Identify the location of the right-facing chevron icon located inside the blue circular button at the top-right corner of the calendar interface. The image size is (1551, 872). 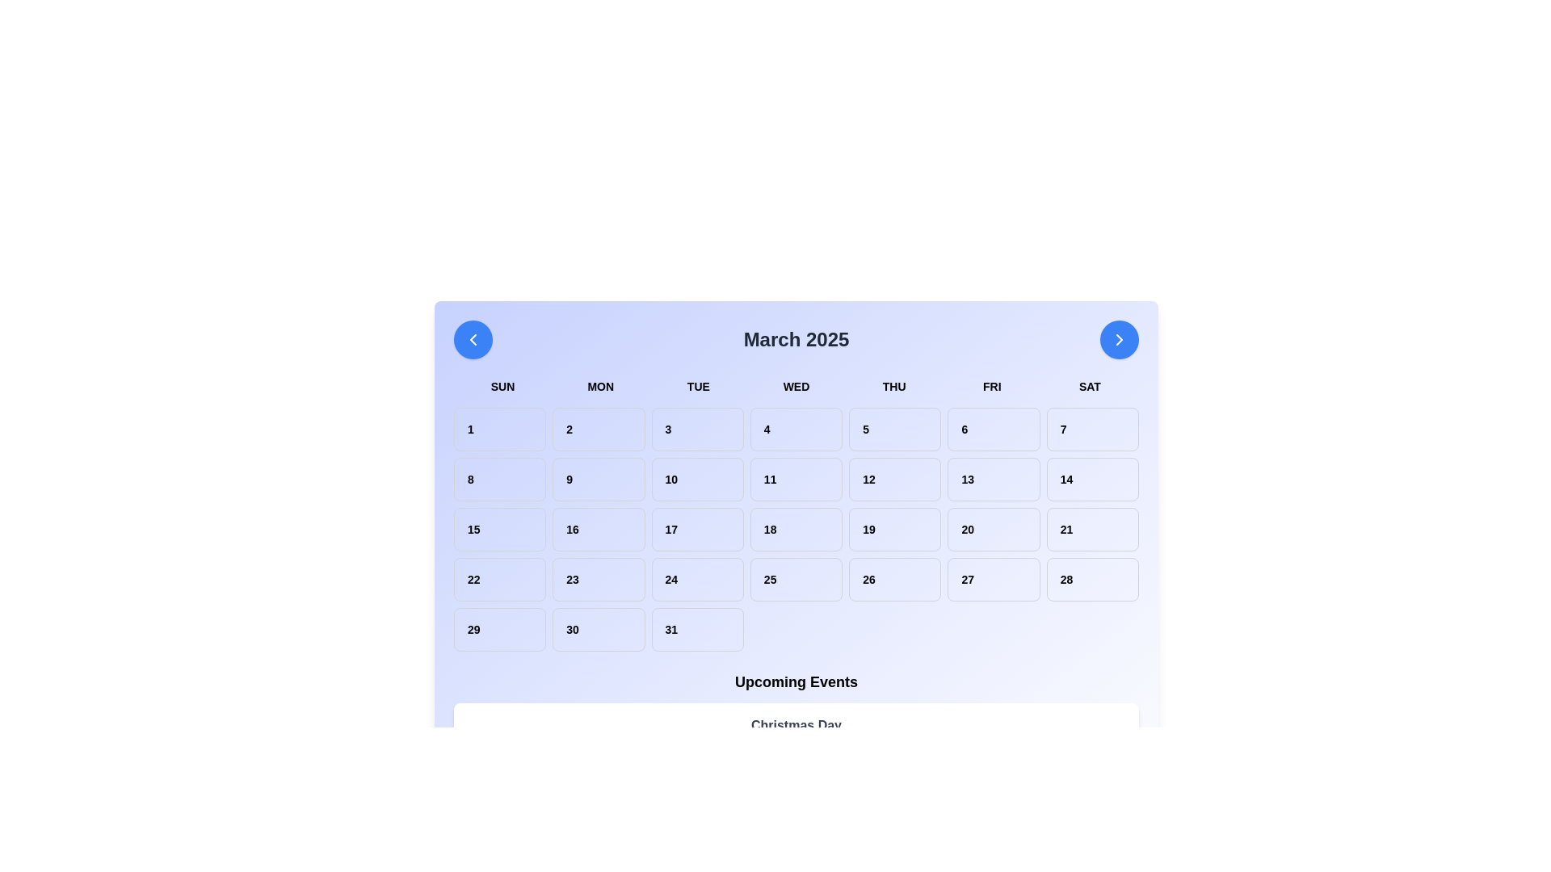
(1119, 338).